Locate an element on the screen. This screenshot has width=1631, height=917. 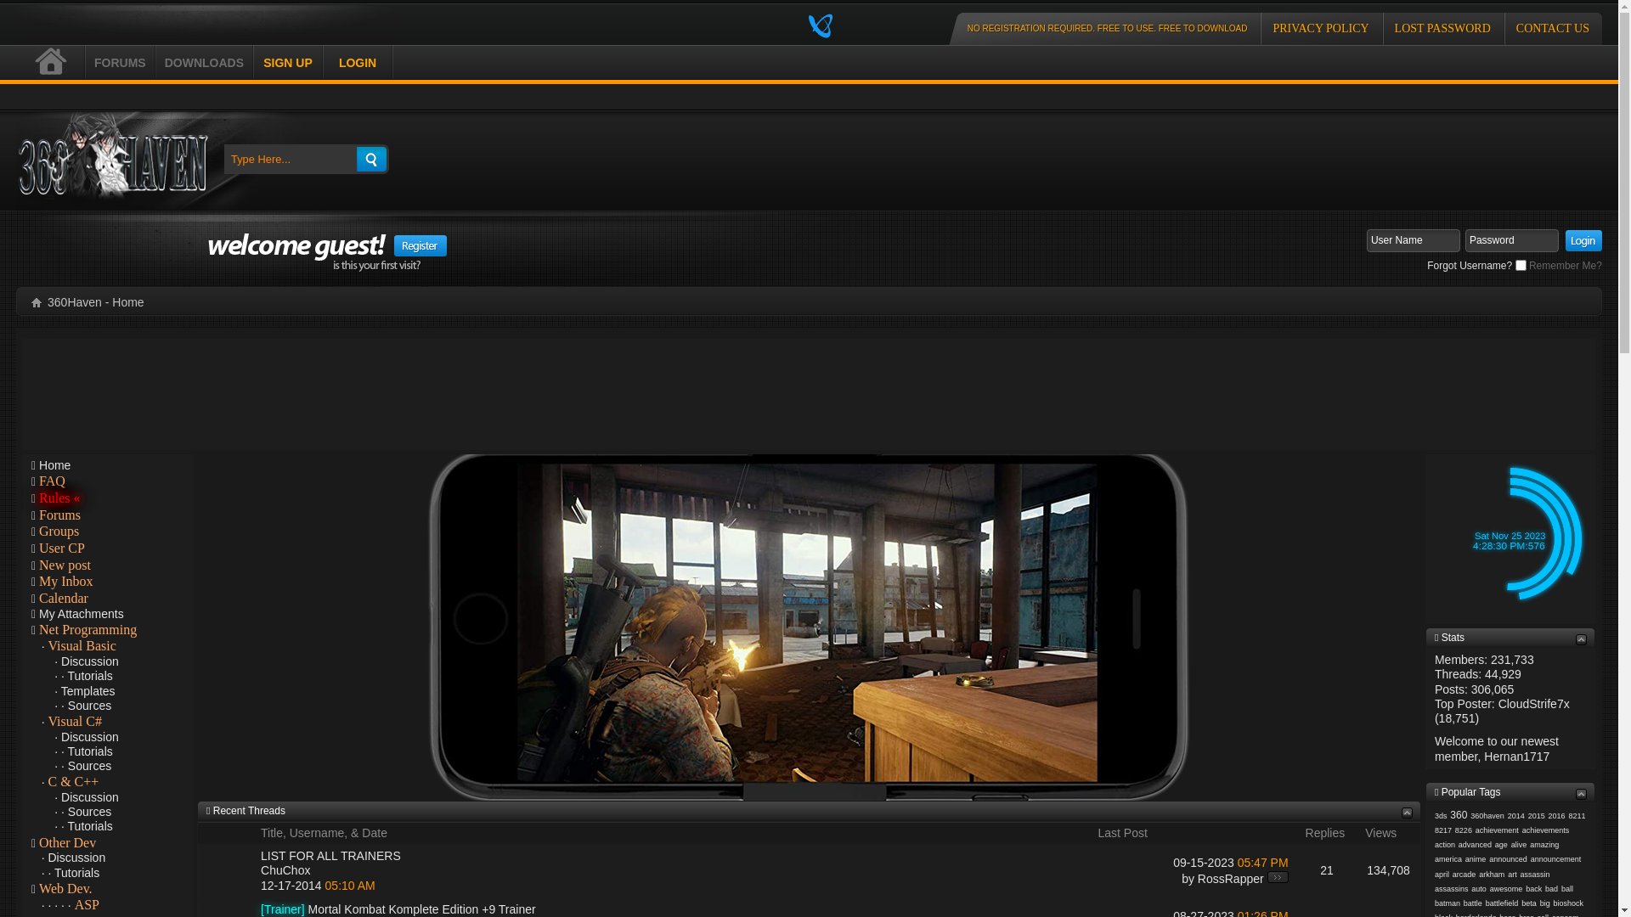
'PRIVACY POLICY' is located at coordinates (1260, 29).